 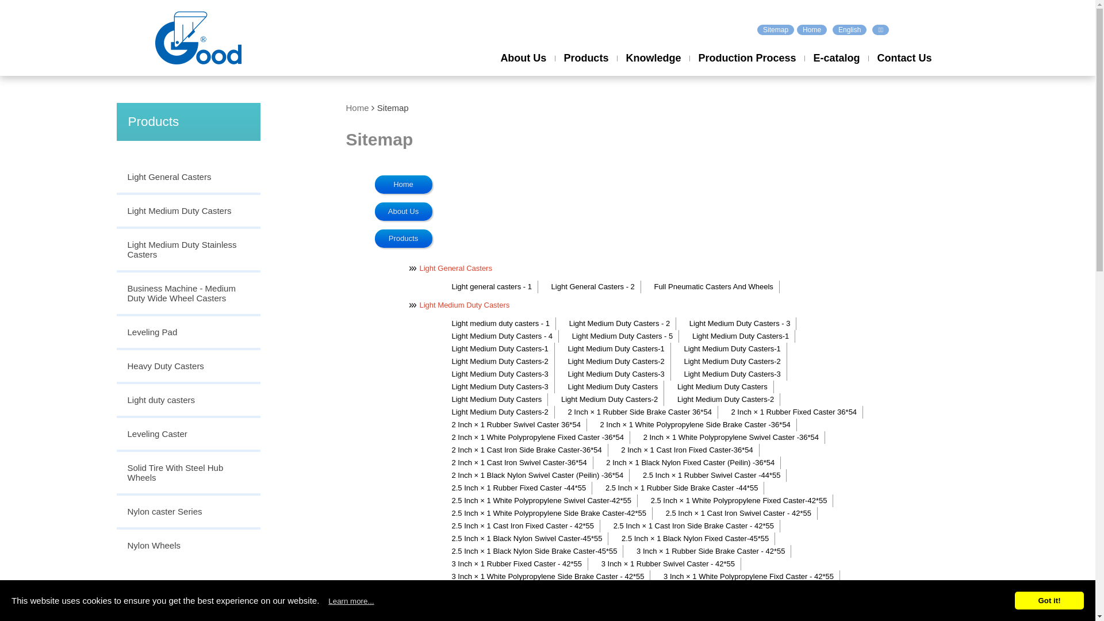 I want to click on 'Light general casters - 1', so click(x=443, y=286).